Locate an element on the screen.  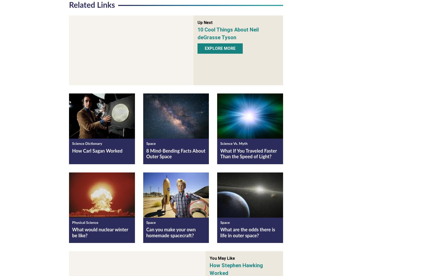
'How Carl Sagan Worked' is located at coordinates (97, 152).